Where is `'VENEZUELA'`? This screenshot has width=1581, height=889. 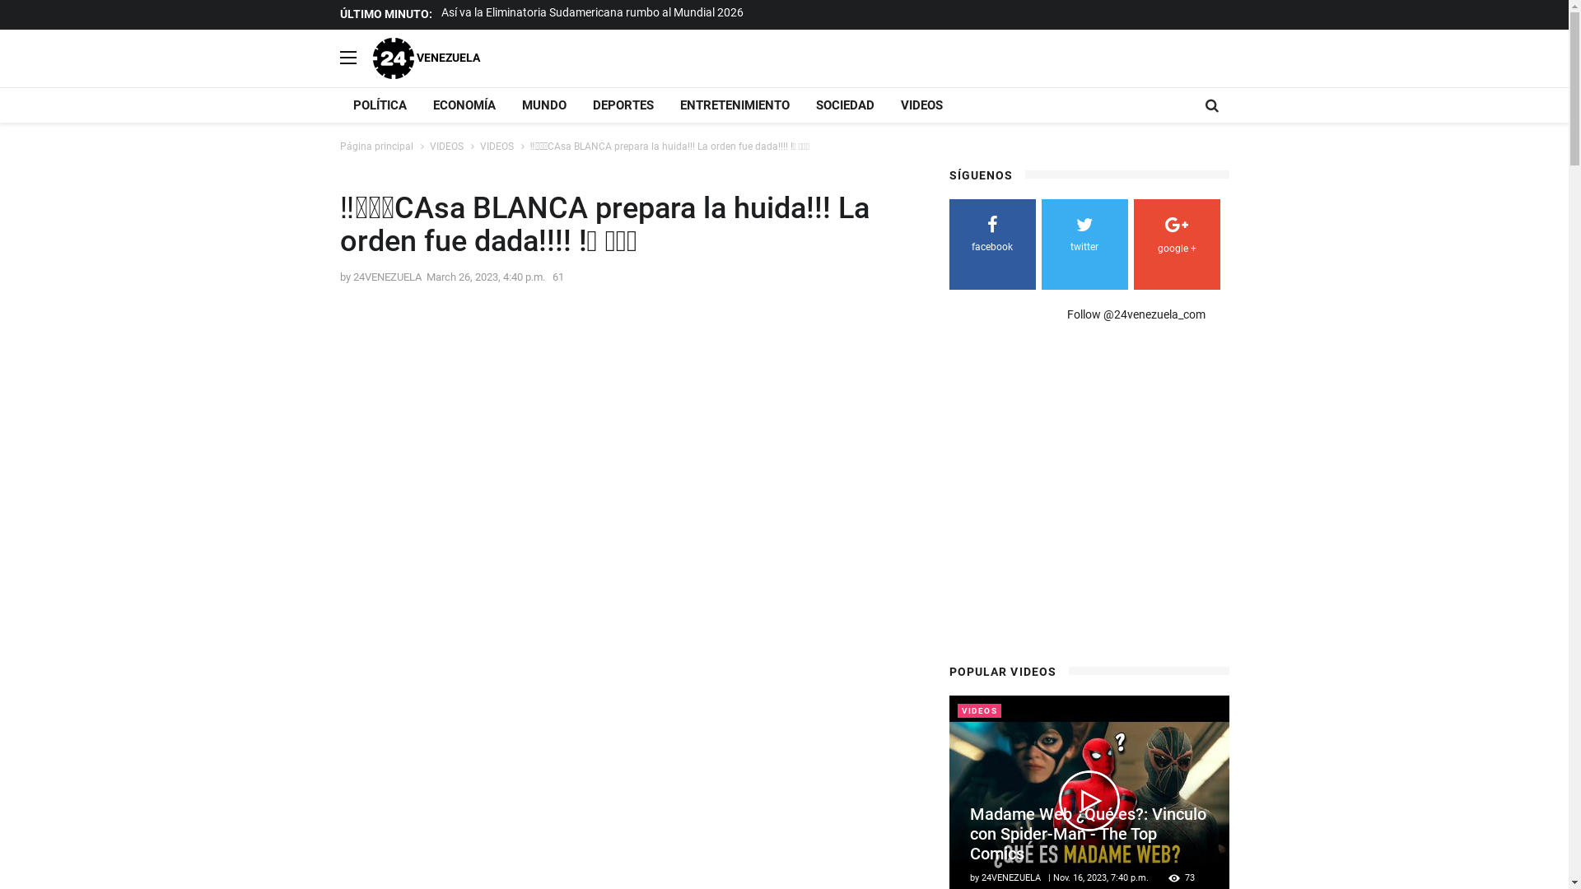
'VENEZUELA' is located at coordinates (426, 56).